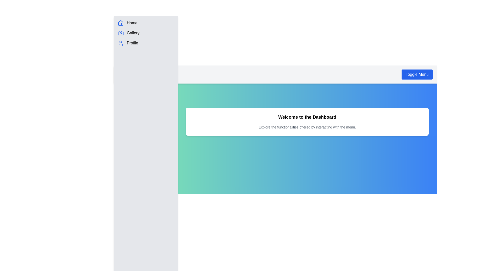 The width and height of the screenshot is (481, 271). I want to click on the 'Gallery' text label located in the vertical navigation pane, which is positioned below the 'Home' menu item and above the 'Profile' menu item, so click(133, 33).